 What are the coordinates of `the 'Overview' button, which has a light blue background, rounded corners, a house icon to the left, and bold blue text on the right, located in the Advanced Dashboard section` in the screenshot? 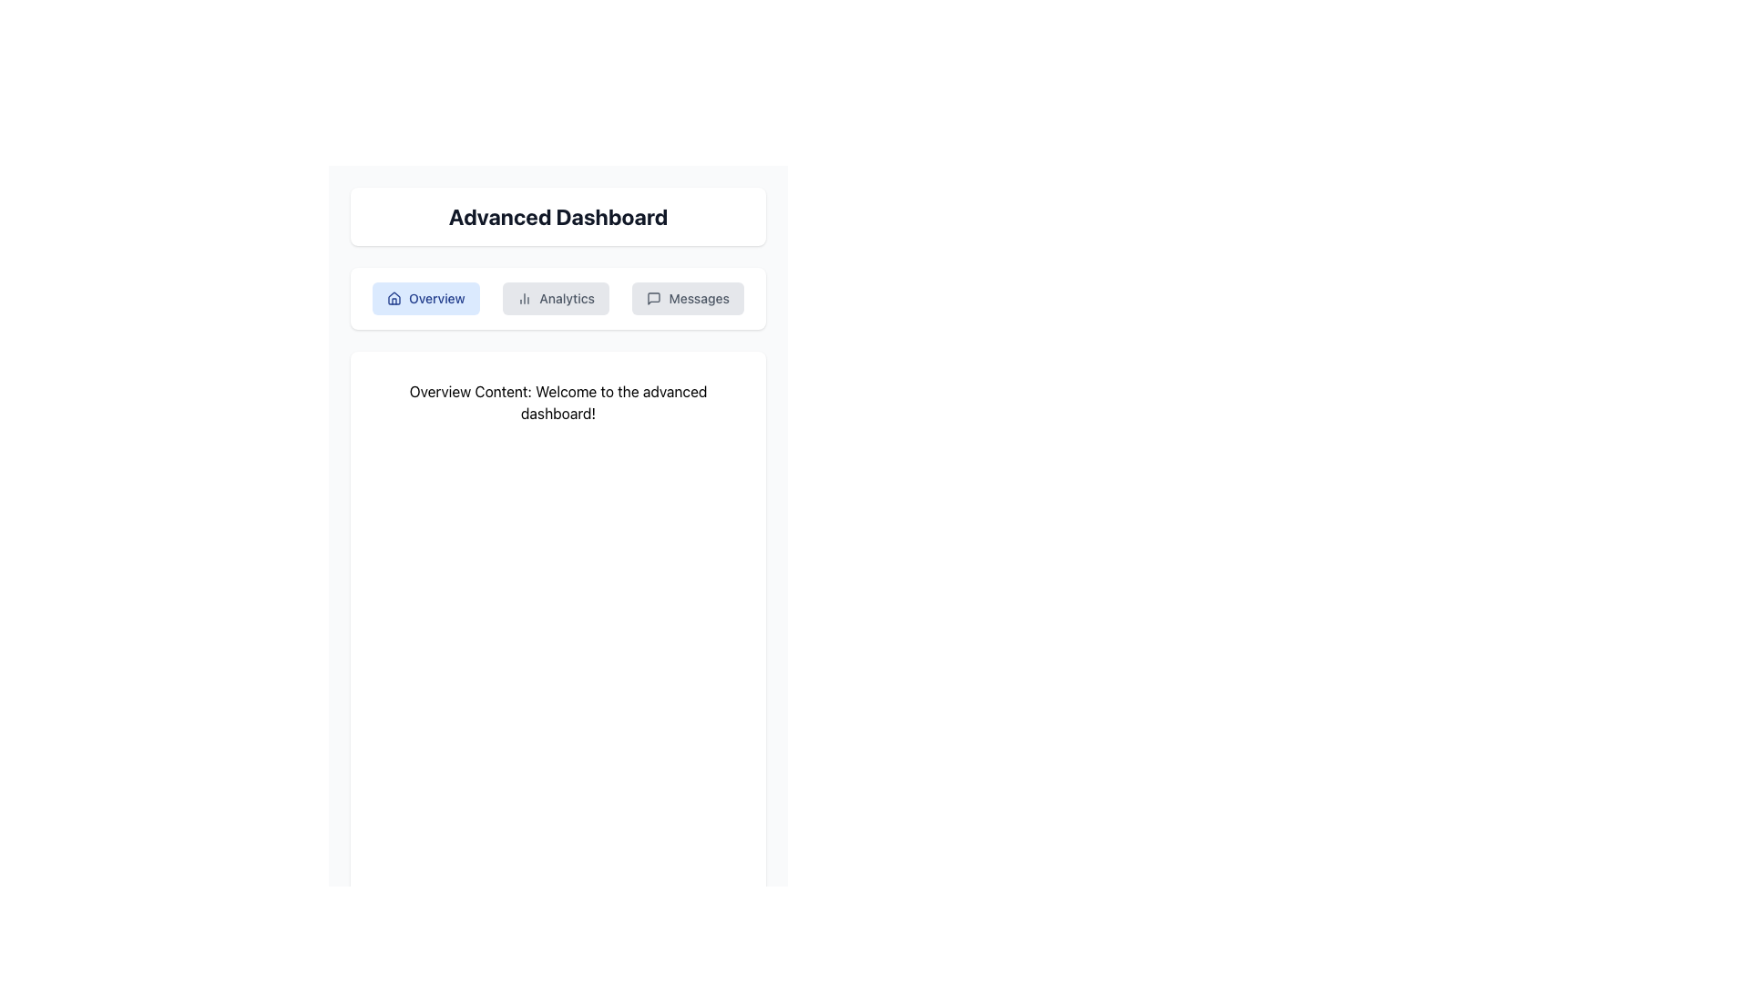 It's located at (424, 297).